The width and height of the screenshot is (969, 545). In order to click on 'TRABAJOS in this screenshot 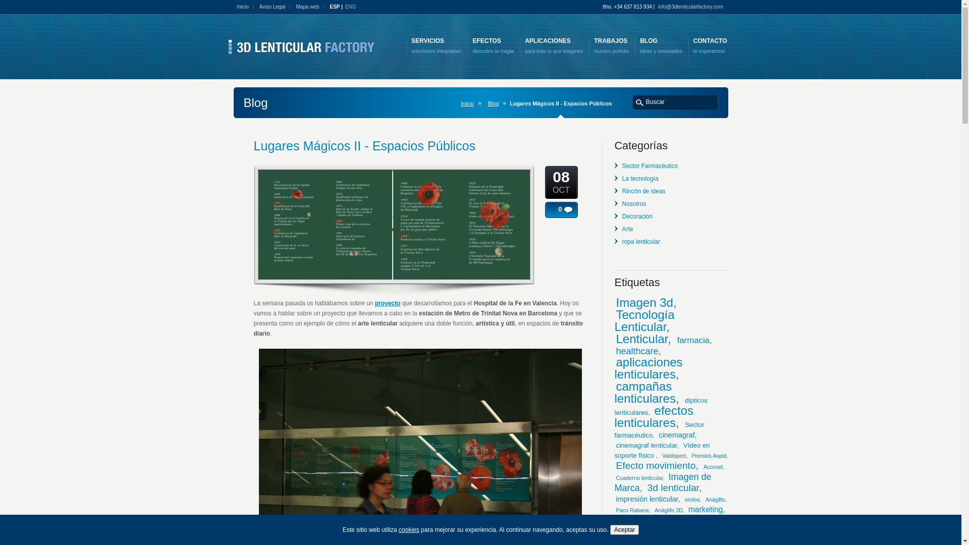, I will do `click(611, 46)`.